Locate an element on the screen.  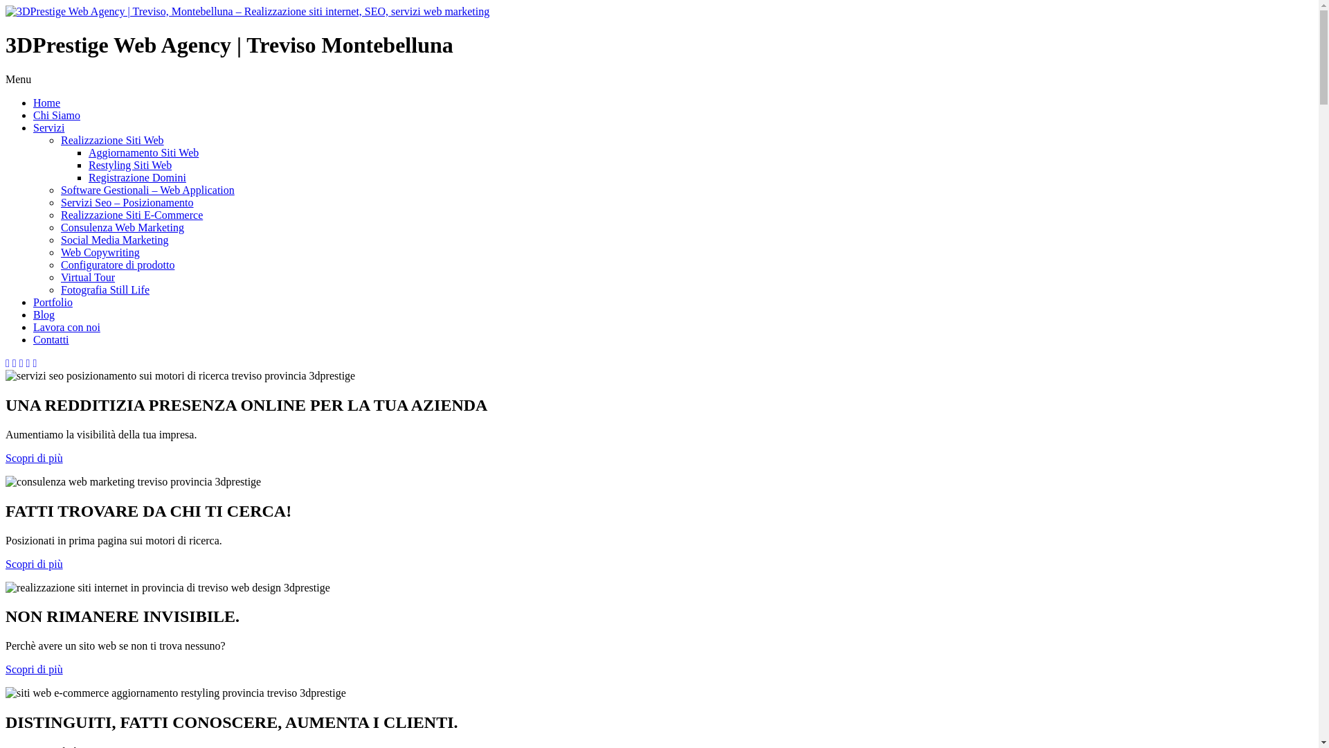
'Aggiornamento Siti Web' is located at coordinates (88, 152).